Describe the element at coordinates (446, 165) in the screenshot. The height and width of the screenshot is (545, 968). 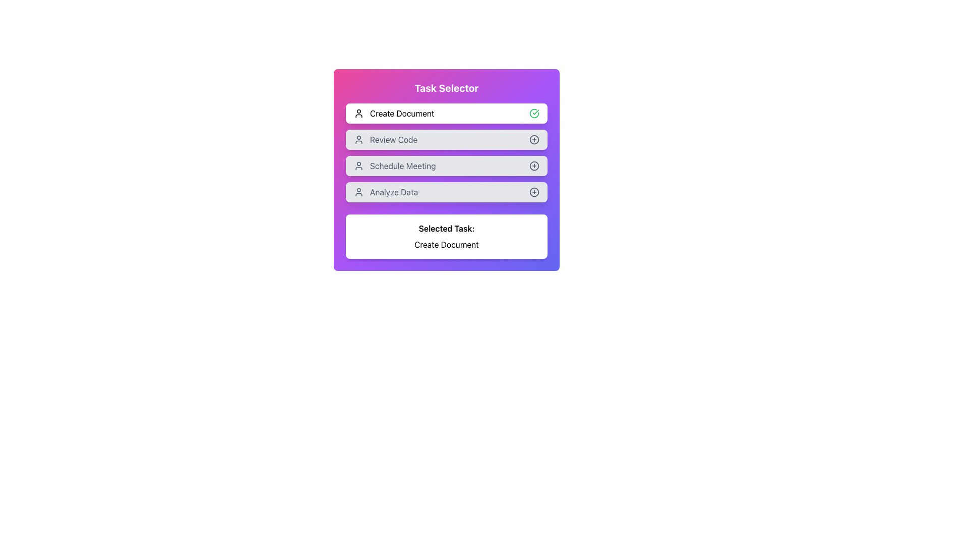
I see `the 'Schedule Meeting' button` at that location.